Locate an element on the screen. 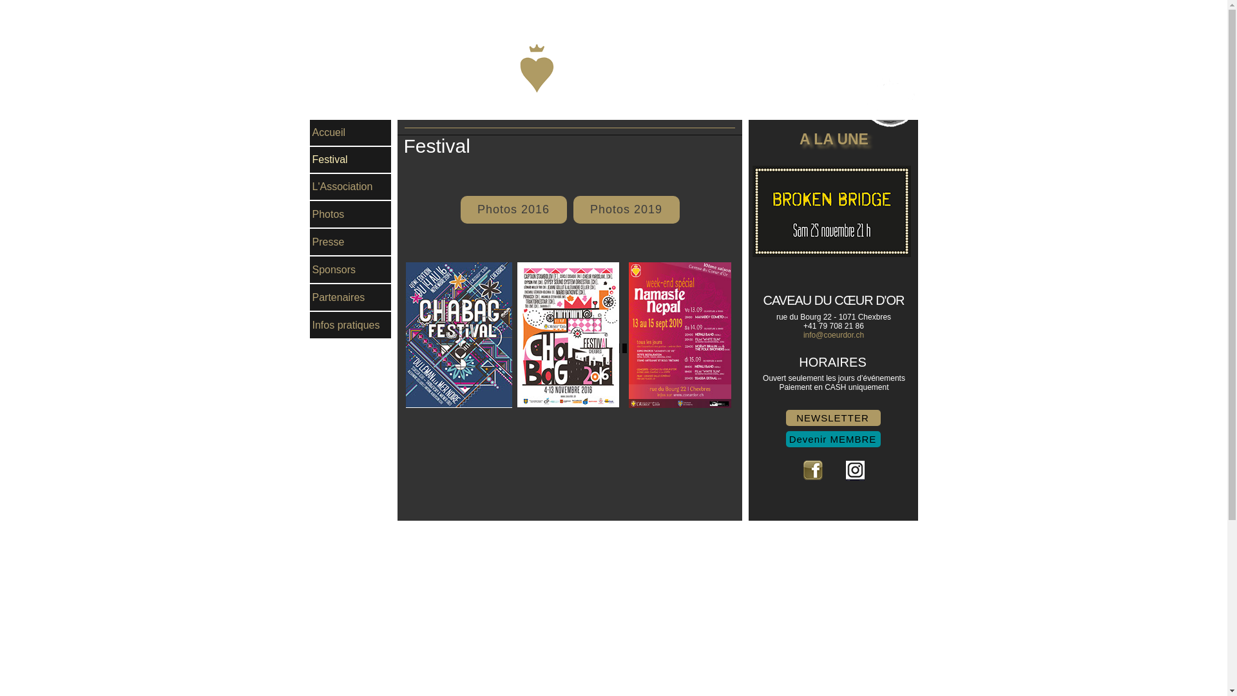 Image resolution: width=1237 pixels, height=696 pixels. 'instagram' is located at coordinates (854, 470).